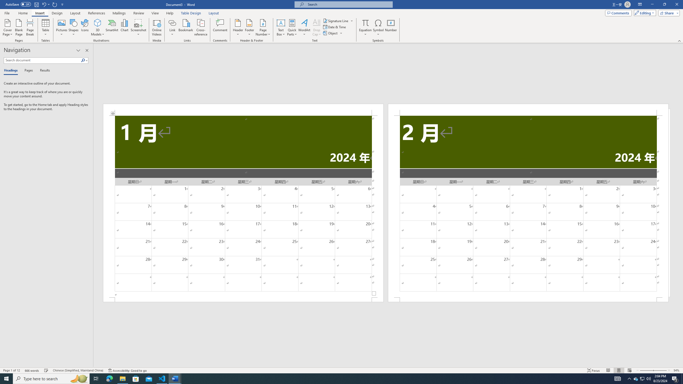 The image size is (683, 384). Describe the element at coordinates (77, 370) in the screenshot. I see `'Language Chinese (Simplified, Mainland China)'` at that location.